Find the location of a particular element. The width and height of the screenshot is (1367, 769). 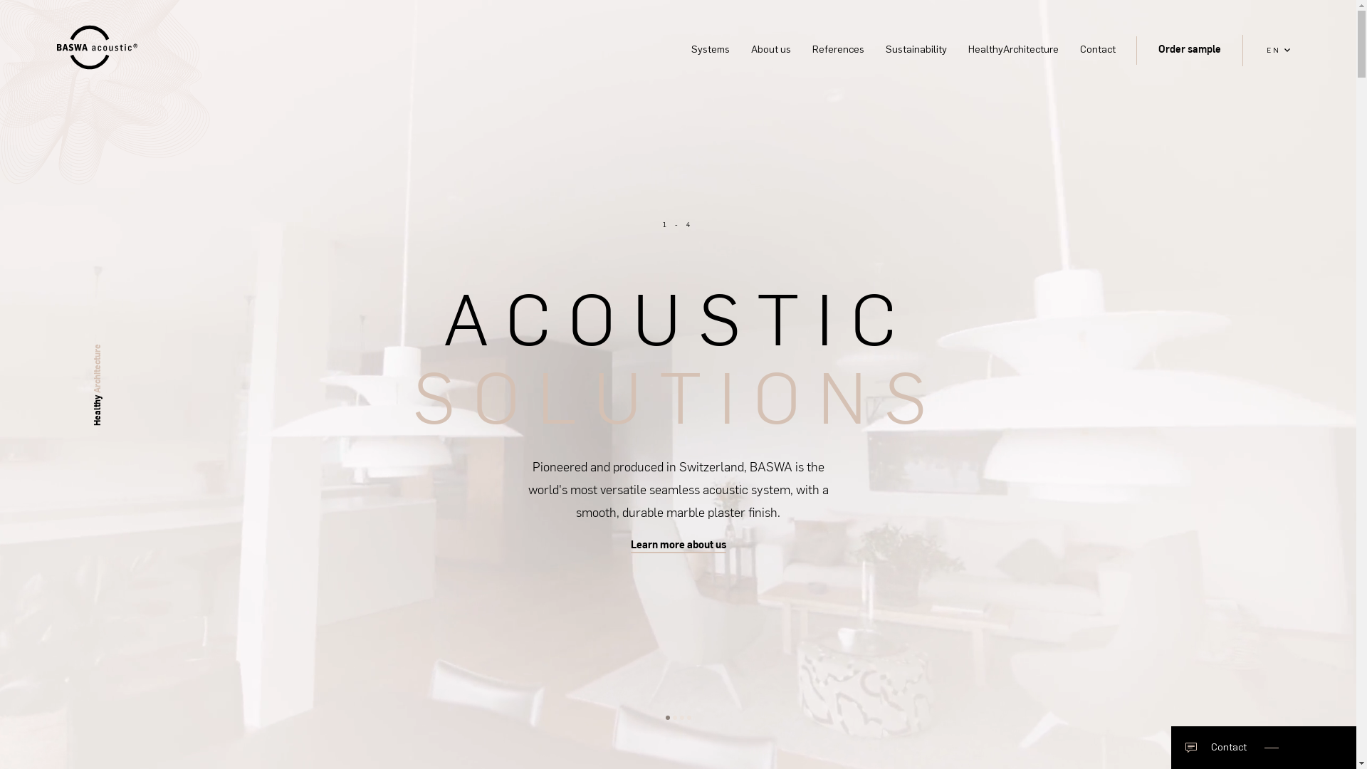

'HealthyArchitecture' is located at coordinates (1012, 49).